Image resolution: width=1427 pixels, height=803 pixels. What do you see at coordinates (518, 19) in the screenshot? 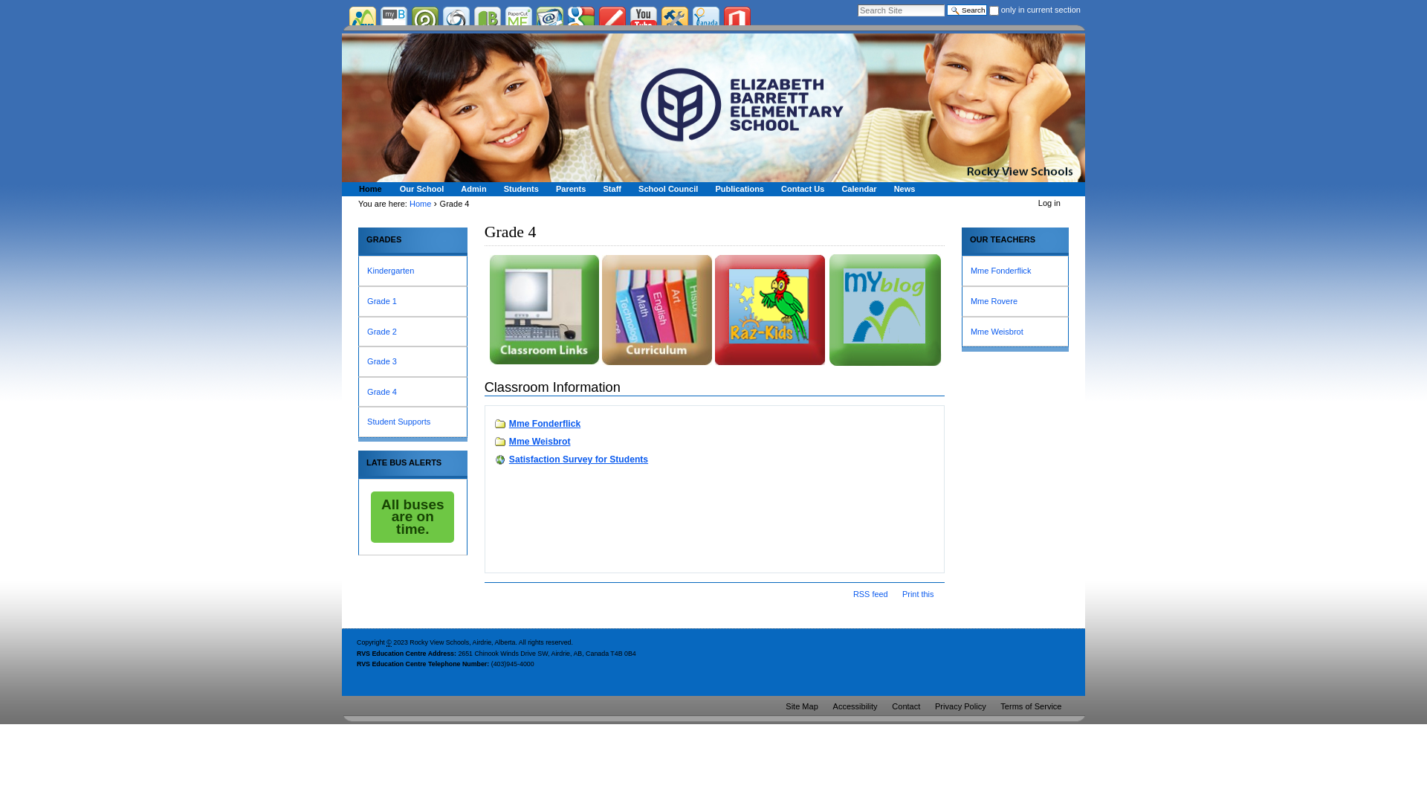
I see `'PaperCut'` at bounding box center [518, 19].